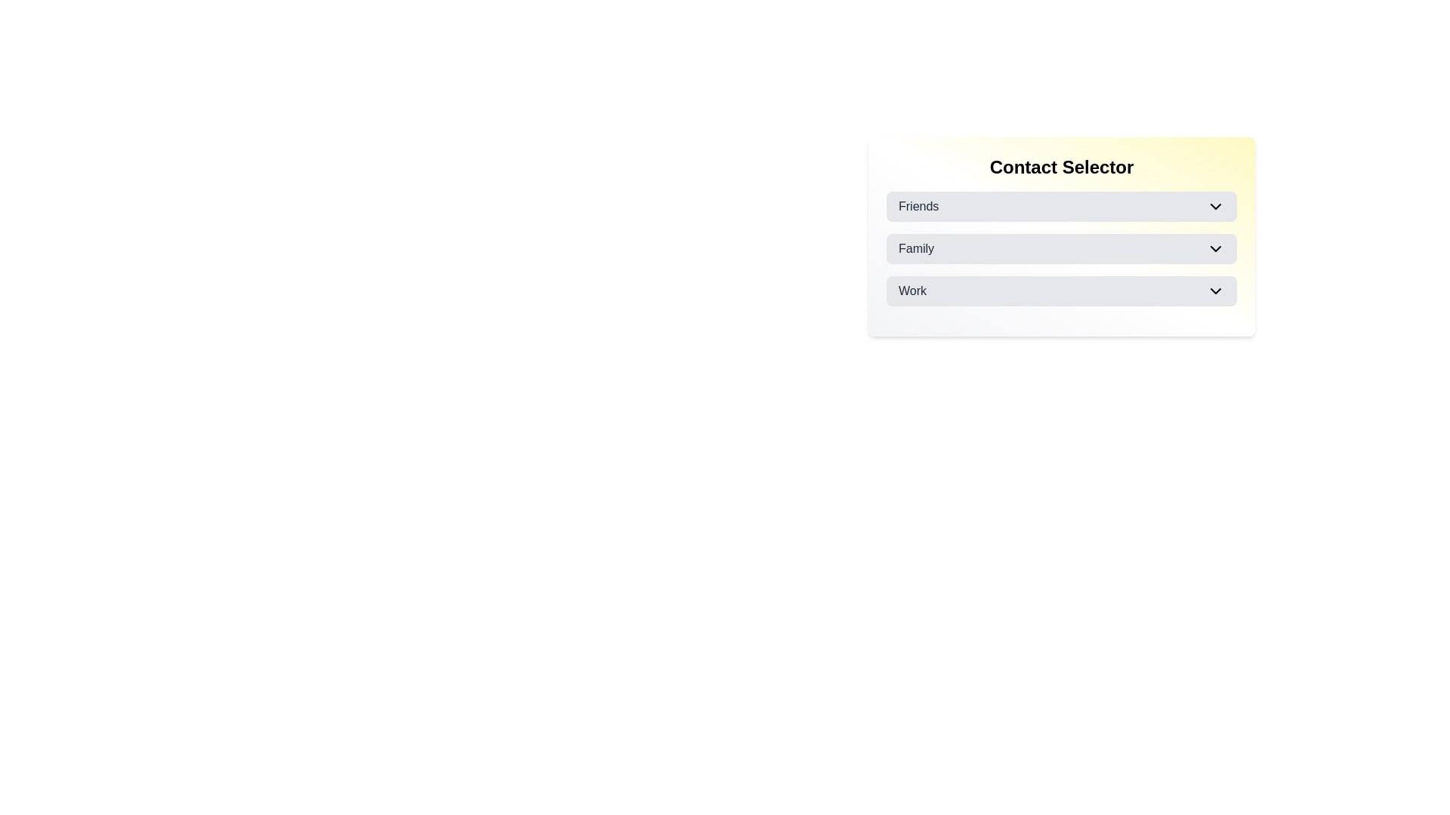 Image resolution: width=1450 pixels, height=815 pixels. I want to click on the Dropdown indicator icon located on the rightmost side of the 'Work' list item, so click(1215, 291).